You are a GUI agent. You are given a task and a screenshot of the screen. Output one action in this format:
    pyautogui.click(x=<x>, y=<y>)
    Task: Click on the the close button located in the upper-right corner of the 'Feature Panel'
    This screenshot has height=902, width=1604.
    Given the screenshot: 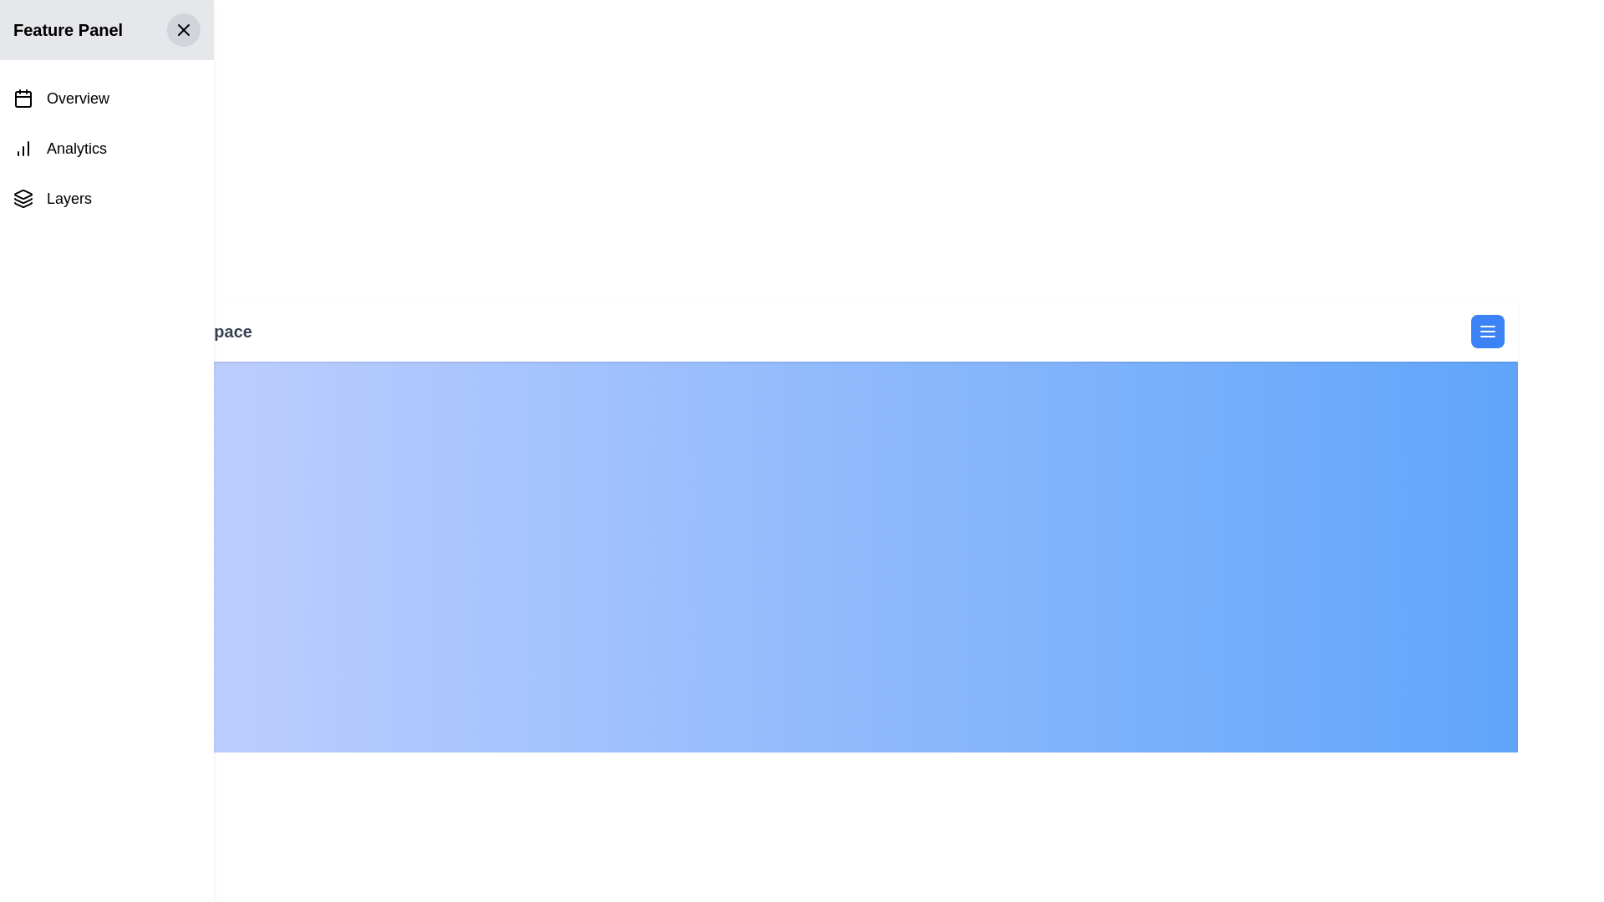 What is the action you would take?
    pyautogui.click(x=184, y=29)
    